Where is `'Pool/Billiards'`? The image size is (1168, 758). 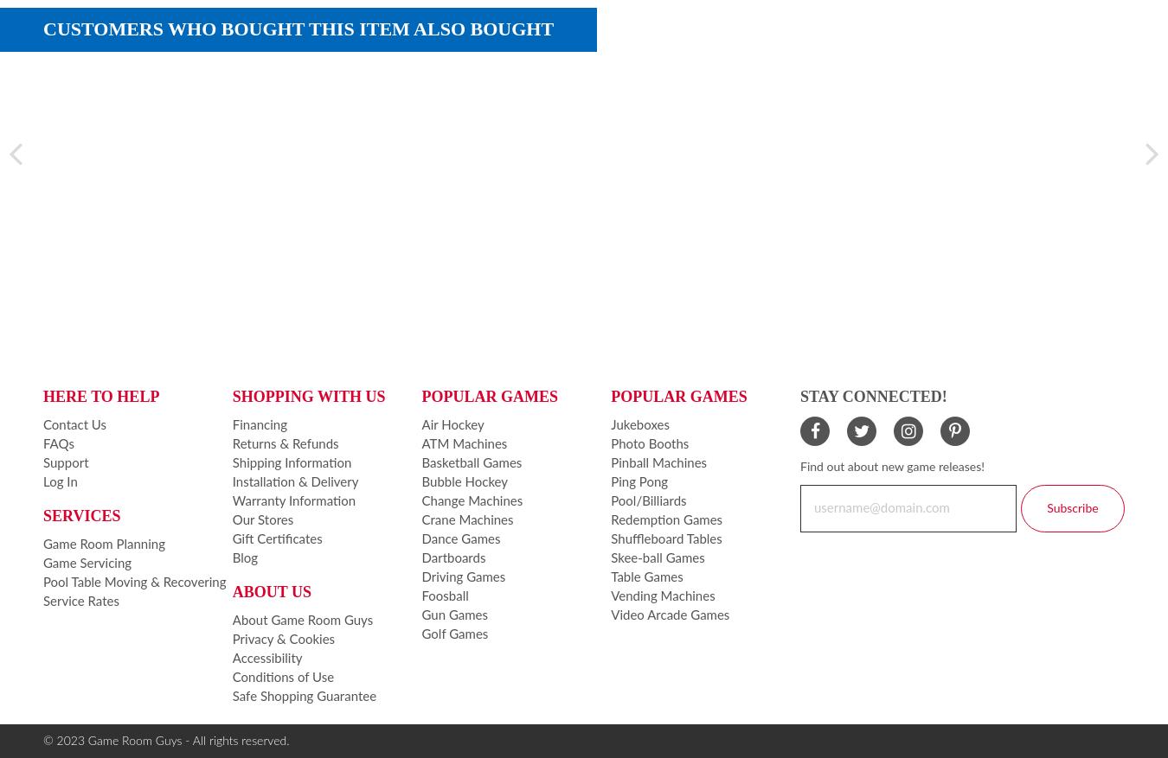
'Pool/Billiards' is located at coordinates (610, 500).